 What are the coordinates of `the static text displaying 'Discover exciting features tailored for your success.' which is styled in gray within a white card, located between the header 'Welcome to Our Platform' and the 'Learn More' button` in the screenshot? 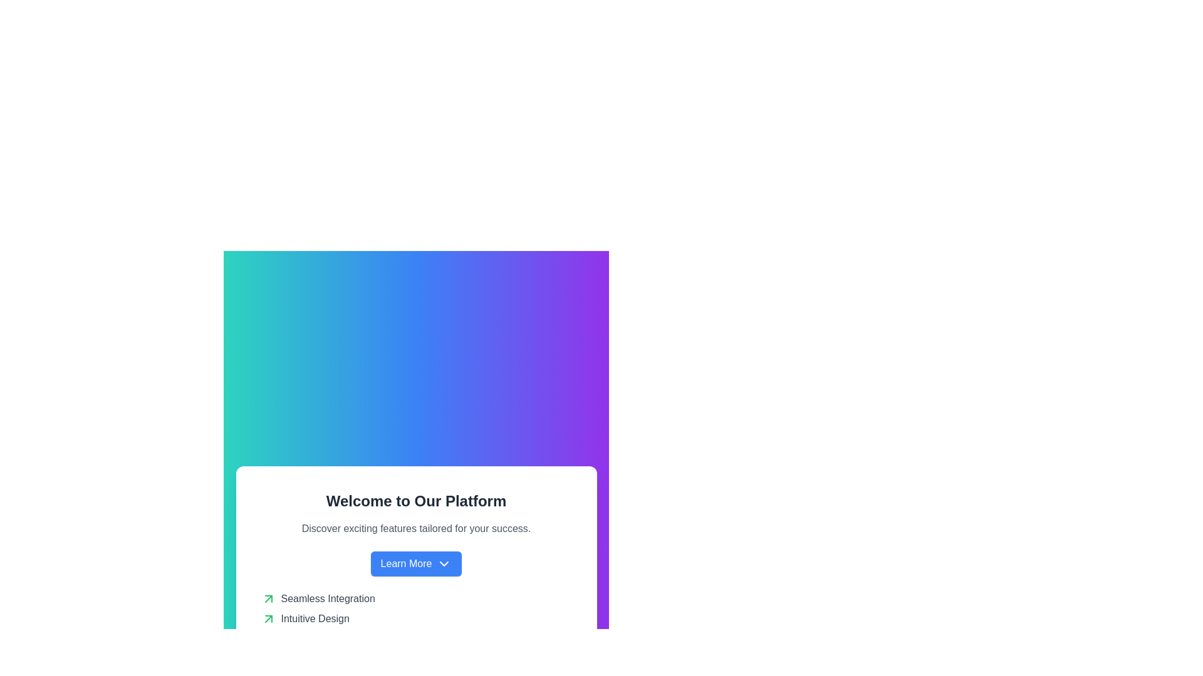 It's located at (416, 528).